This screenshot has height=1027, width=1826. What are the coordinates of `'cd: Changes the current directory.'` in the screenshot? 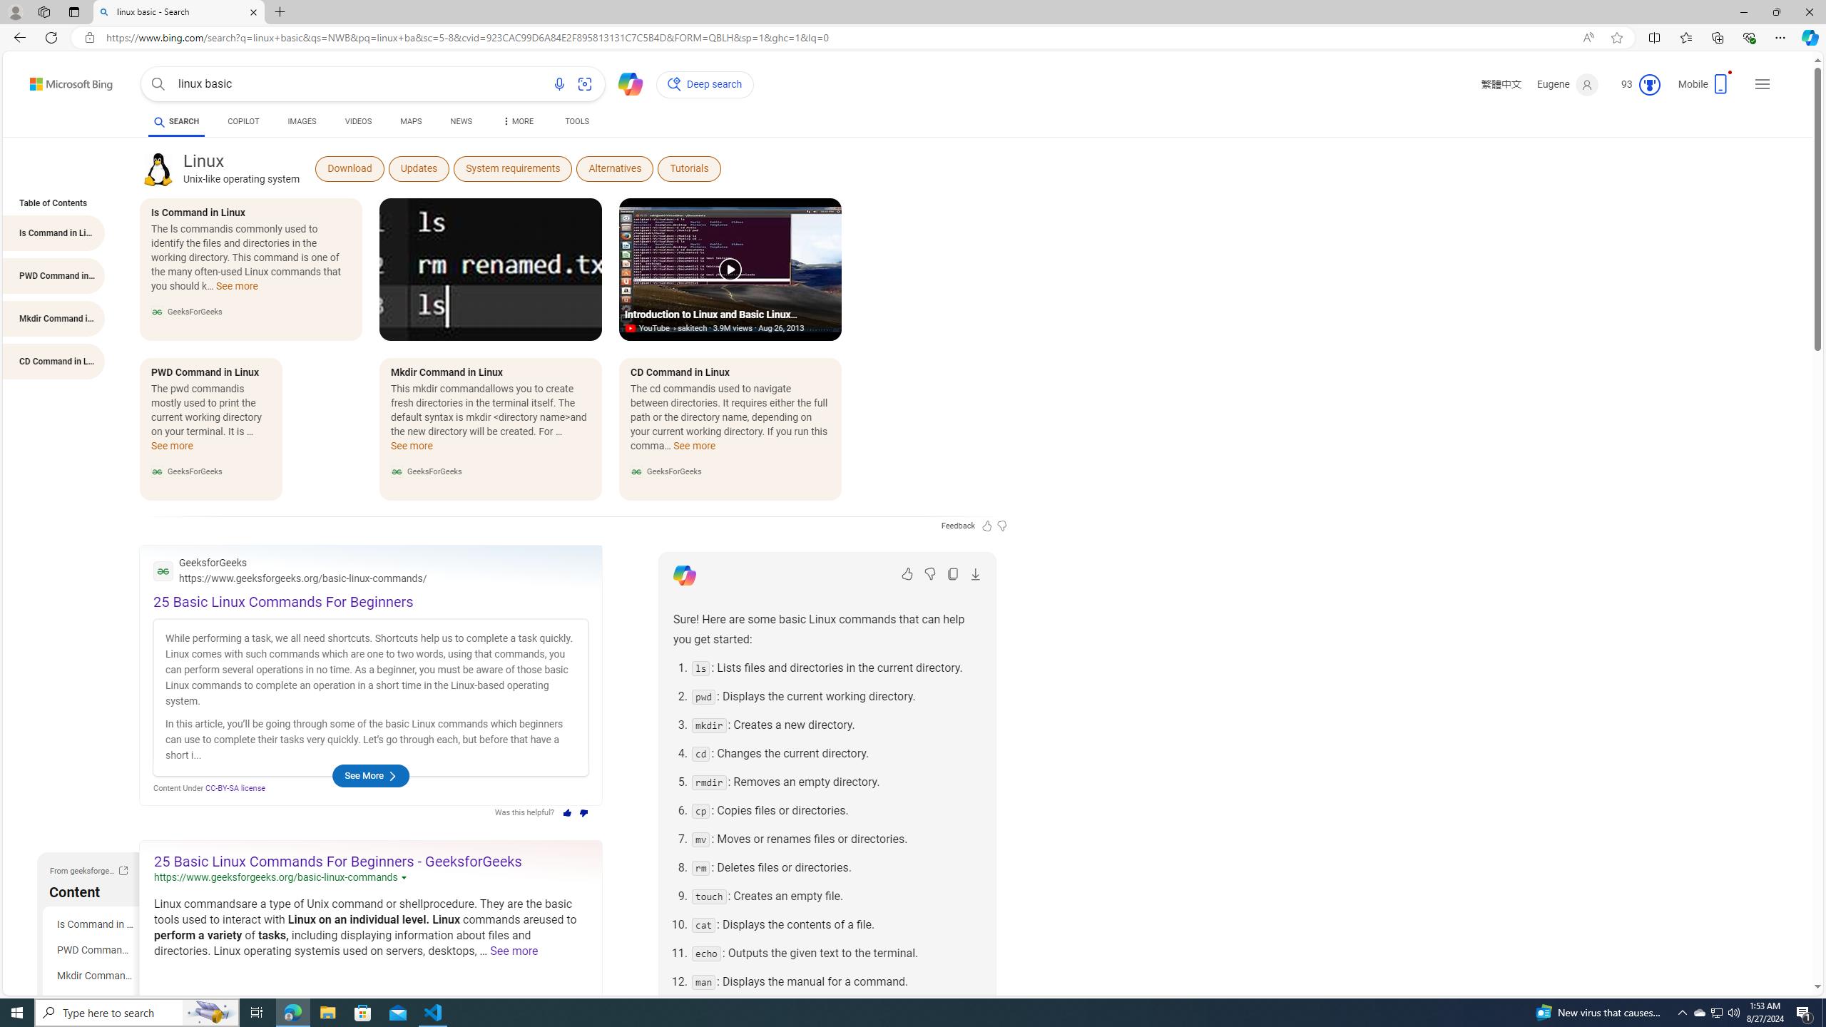 It's located at (835, 753).